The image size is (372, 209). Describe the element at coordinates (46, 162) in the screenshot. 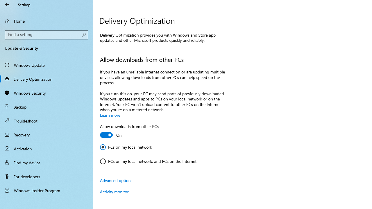

I see `'Find my device'` at that location.